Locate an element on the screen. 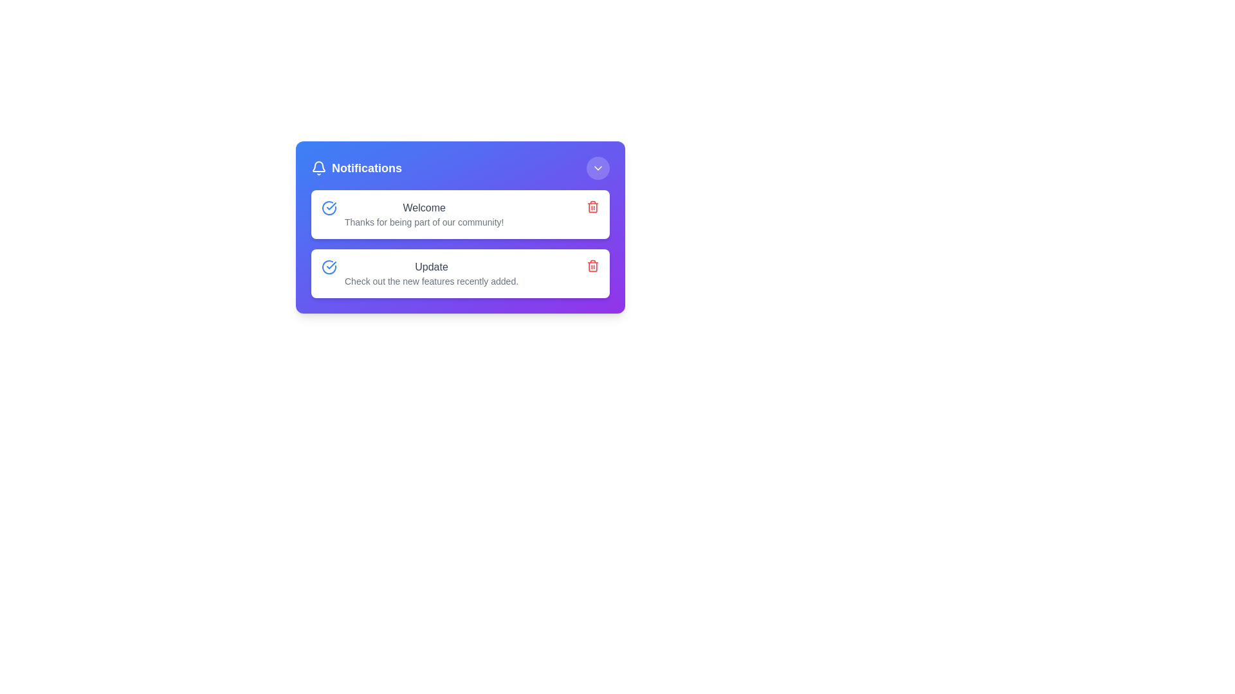  SVG properties of the blue circular indicator located in the first notification box, to the left of the text 'Welcome' and above the description text is located at coordinates (329, 267).